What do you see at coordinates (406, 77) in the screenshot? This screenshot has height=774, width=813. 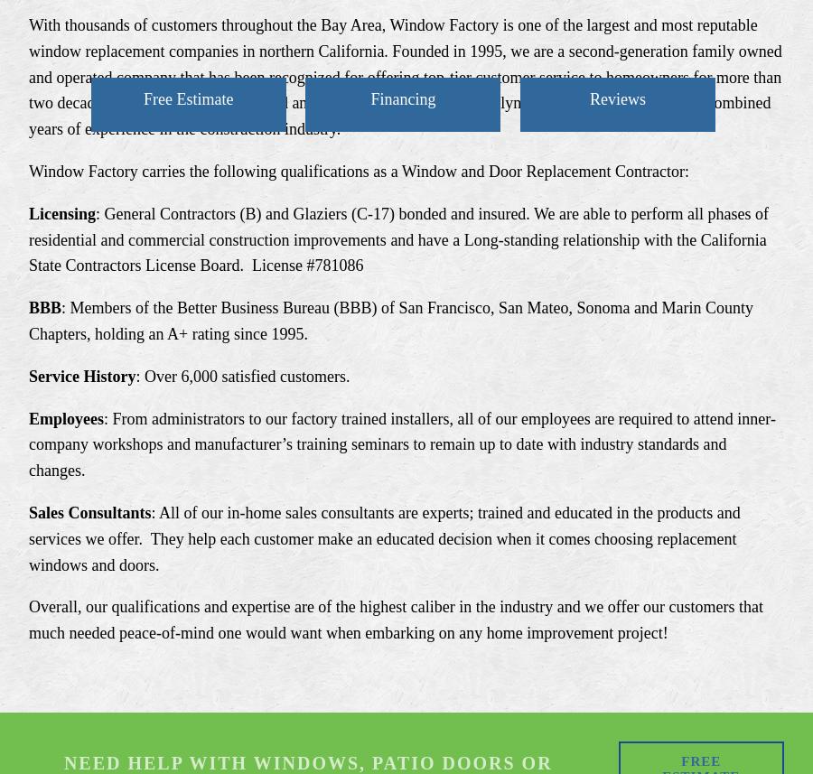 I see `'With thousands of customers throughout the Bay Area, Window Factory is one of the largest and most reputable window replacement companies in northern California. Founded in 1995, we are a second-generation family owned and operated company that has been recognized for offering top-tier customer service to homeowners for more than two decades. Window Factory is owned and managed by two sisters, Jaclyn and Rachel, whom offer 35 combined years of experience in the construction industry.'` at bounding box center [406, 77].